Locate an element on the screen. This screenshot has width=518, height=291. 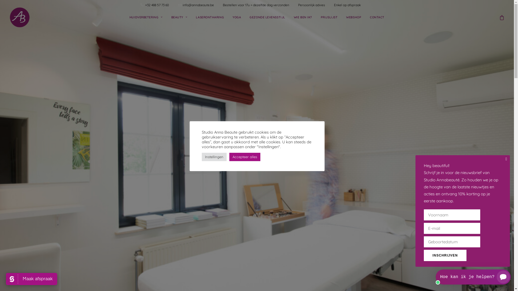
'LASERONTHARING' is located at coordinates (192, 17).